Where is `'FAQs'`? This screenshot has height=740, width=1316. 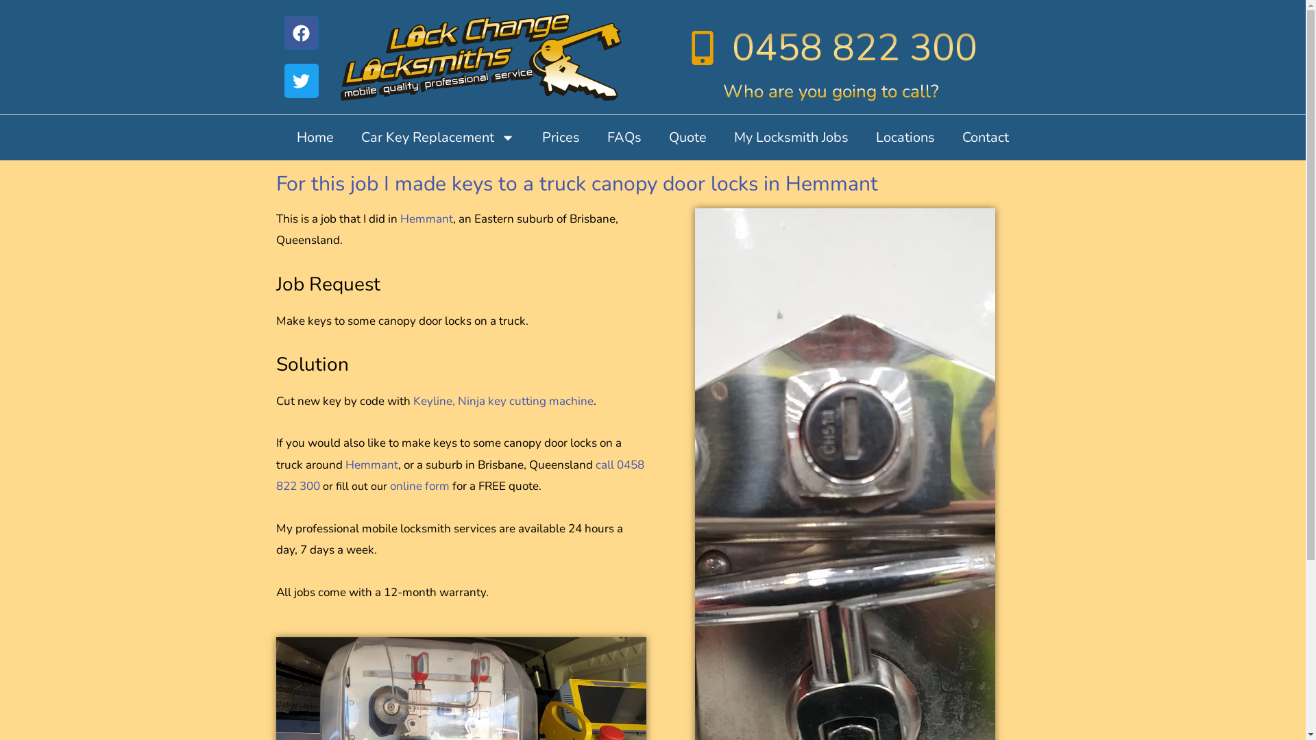 'FAQs' is located at coordinates (624, 137).